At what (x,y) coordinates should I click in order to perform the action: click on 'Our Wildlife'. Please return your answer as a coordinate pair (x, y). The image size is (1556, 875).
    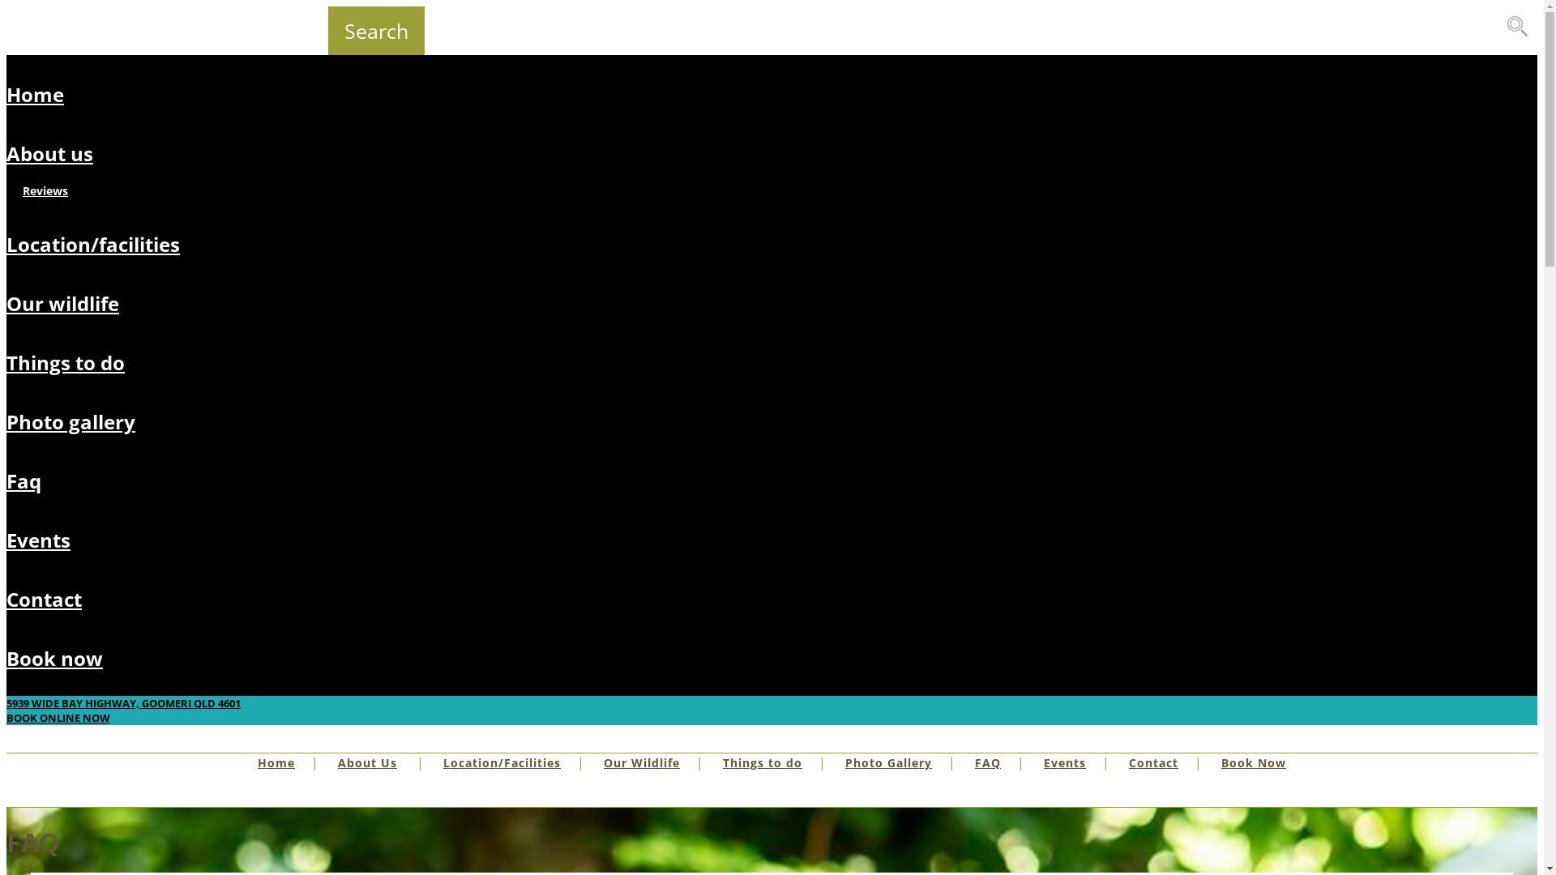
    Looking at the image, I should click on (641, 762).